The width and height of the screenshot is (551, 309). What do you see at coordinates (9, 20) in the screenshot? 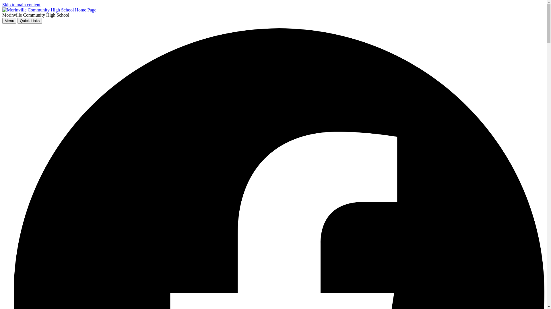
I see `'Menu'` at bounding box center [9, 20].